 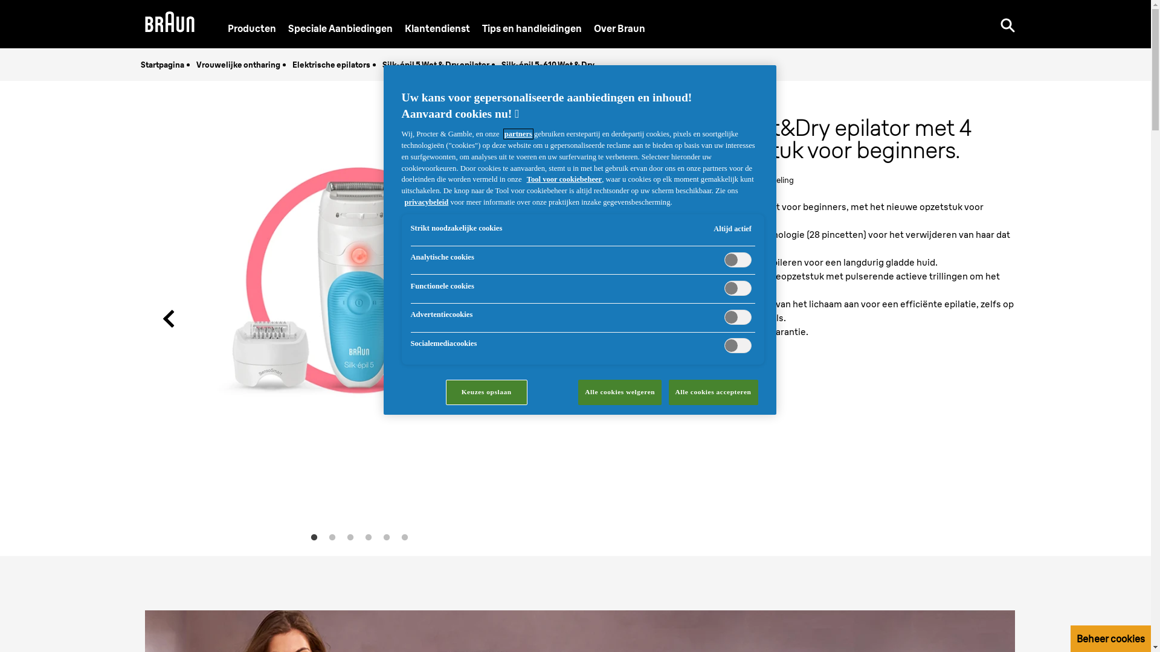 What do you see at coordinates (619, 27) in the screenshot?
I see `'Over Braun'` at bounding box center [619, 27].